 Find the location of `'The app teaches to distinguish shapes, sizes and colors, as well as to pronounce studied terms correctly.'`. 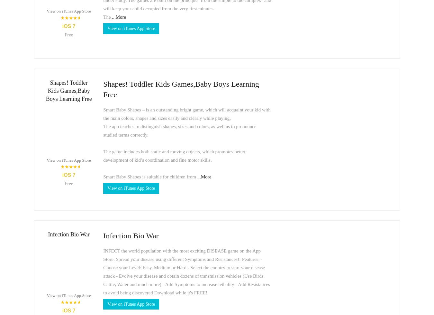

'The app teaches to distinguish shapes, sizes and colors, as well as to pronounce studied terms correctly.' is located at coordinates (103, 130).